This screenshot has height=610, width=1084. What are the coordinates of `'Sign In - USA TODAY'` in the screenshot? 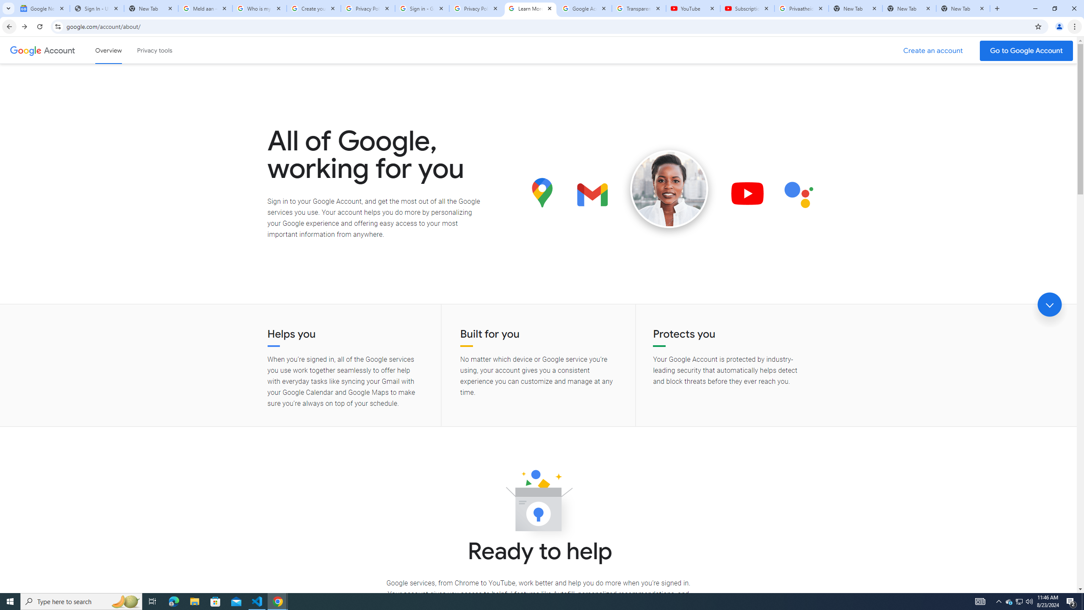 It's located at (97, 8).